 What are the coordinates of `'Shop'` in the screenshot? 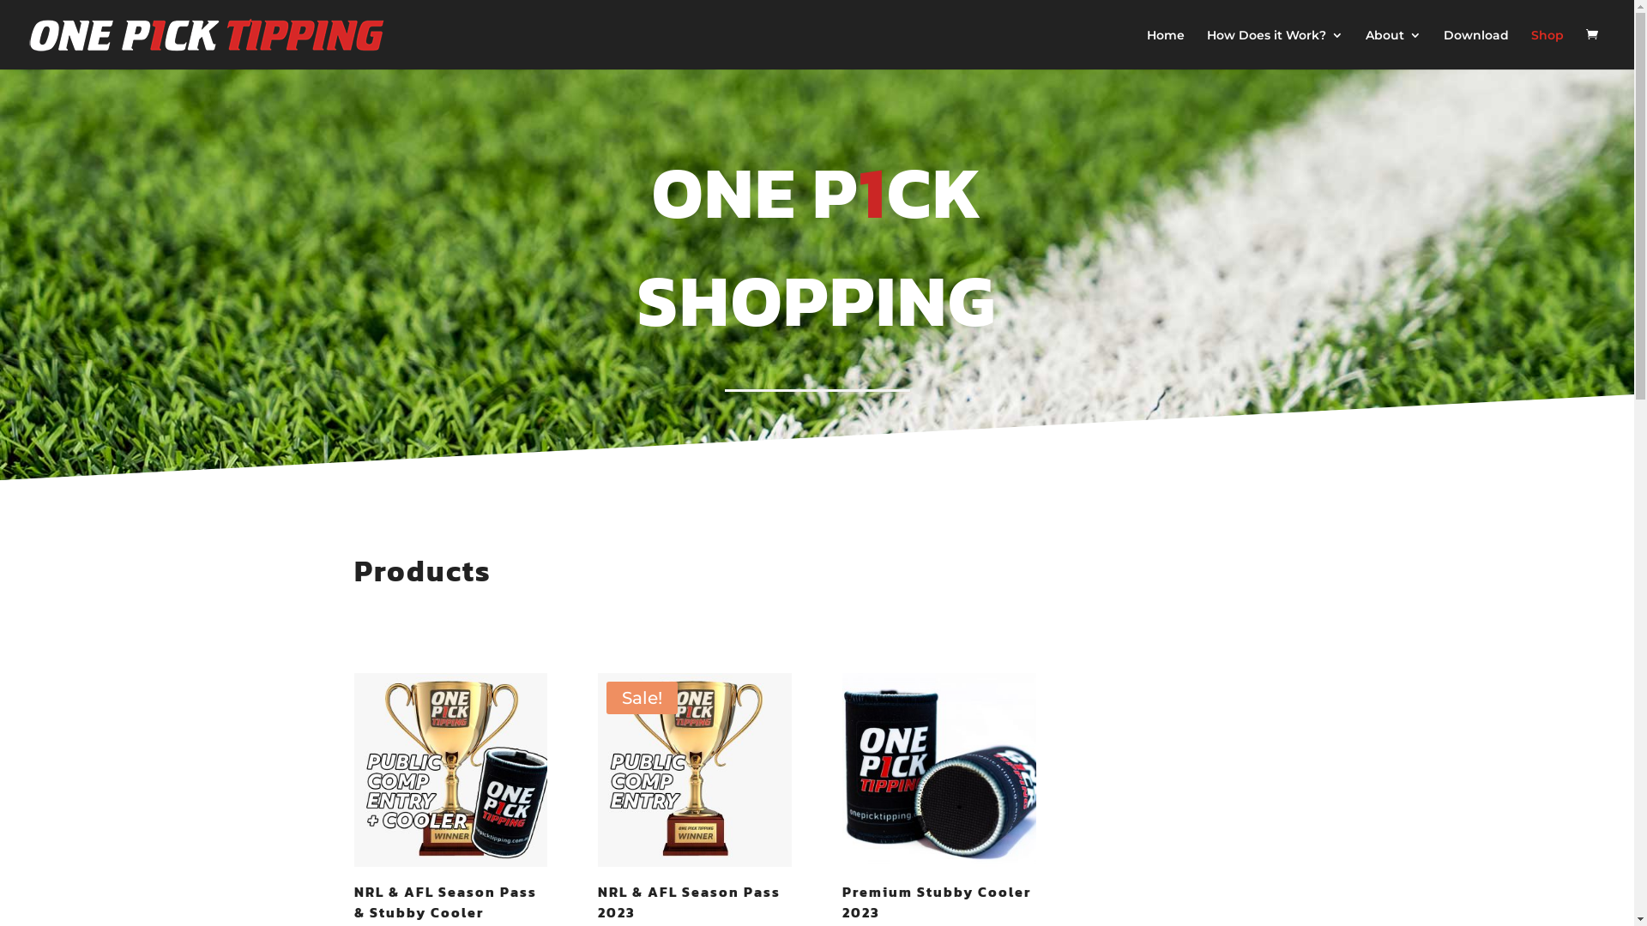 It's located at (1547, 48).